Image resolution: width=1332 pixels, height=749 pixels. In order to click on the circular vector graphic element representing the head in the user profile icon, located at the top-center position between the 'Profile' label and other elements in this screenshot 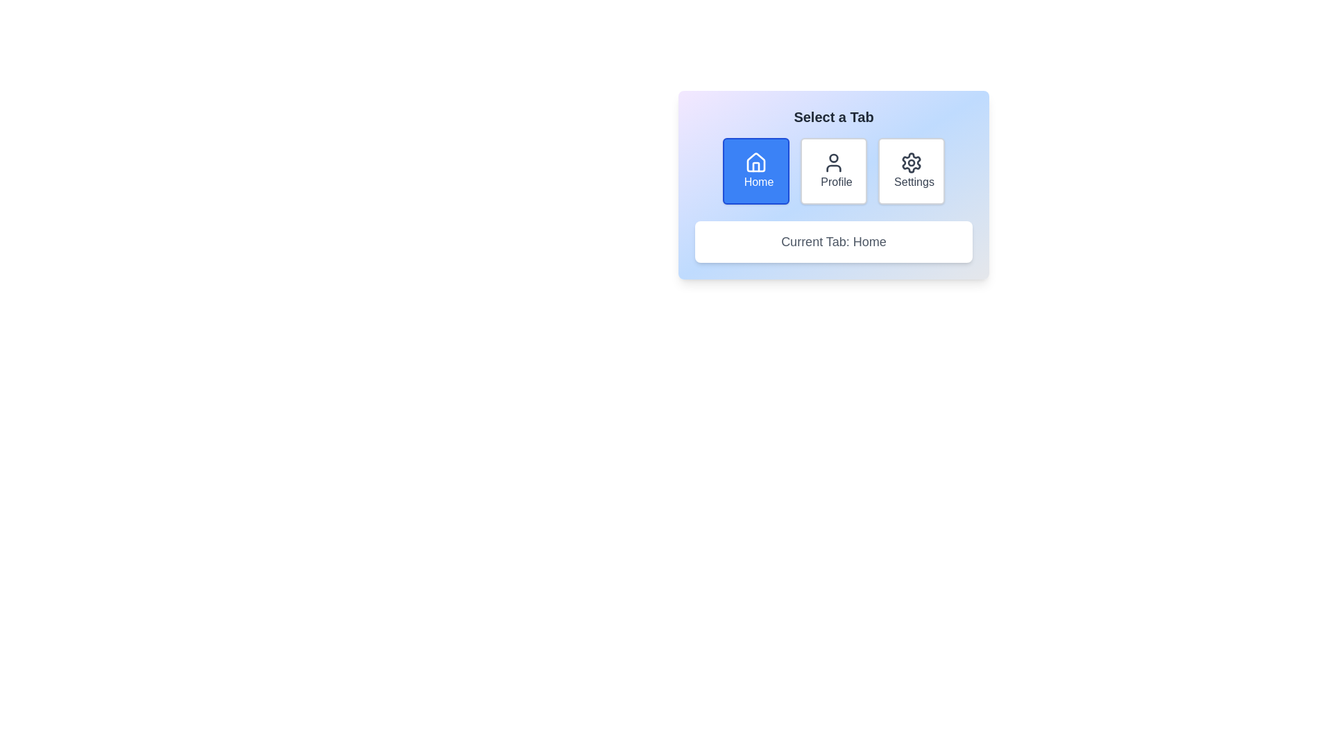, I will do `click(832, 157)`.